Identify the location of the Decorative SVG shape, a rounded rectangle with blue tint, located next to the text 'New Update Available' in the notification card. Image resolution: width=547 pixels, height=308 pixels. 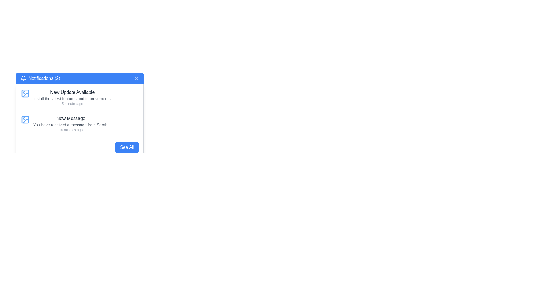
(25, 119).